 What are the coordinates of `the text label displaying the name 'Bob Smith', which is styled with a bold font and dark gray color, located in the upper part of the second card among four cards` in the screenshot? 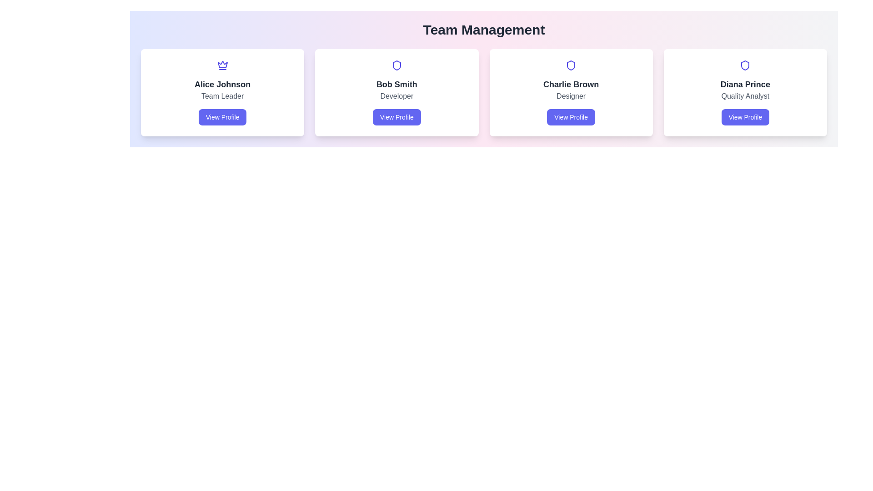 It's located at (396, 84).